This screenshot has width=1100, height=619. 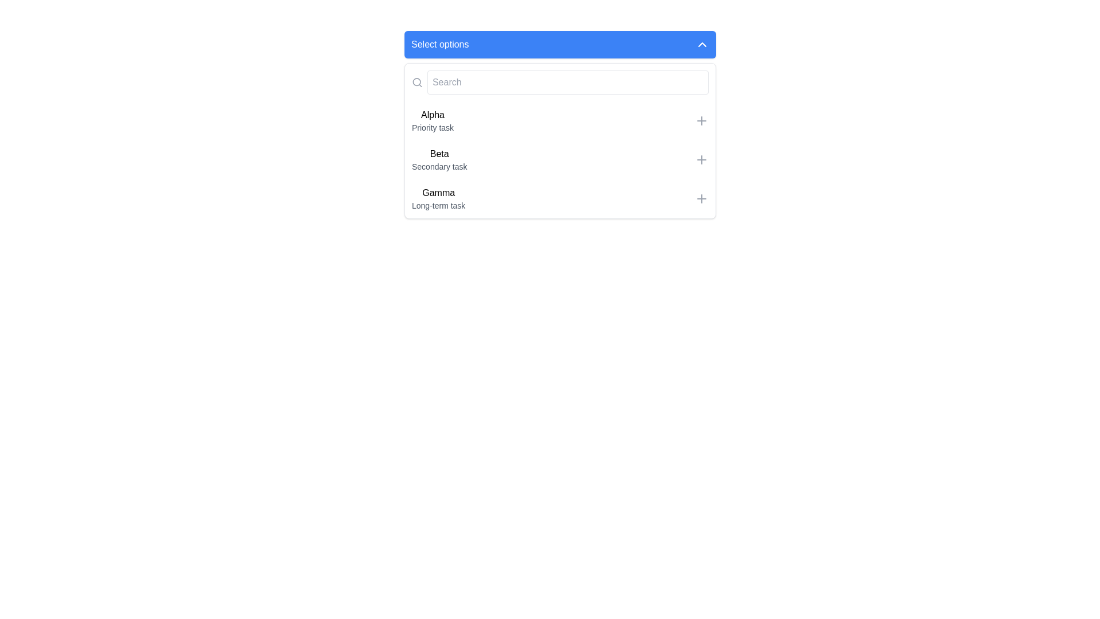 I want to click on the text label providing context about the 'Alpha' label, which is located in the dropdown menu section, positioned at the top of the list, so click(x=432, y=128).